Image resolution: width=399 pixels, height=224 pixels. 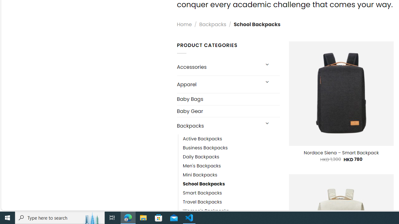 I want to click on 'Men', so click(x=202, y=166).